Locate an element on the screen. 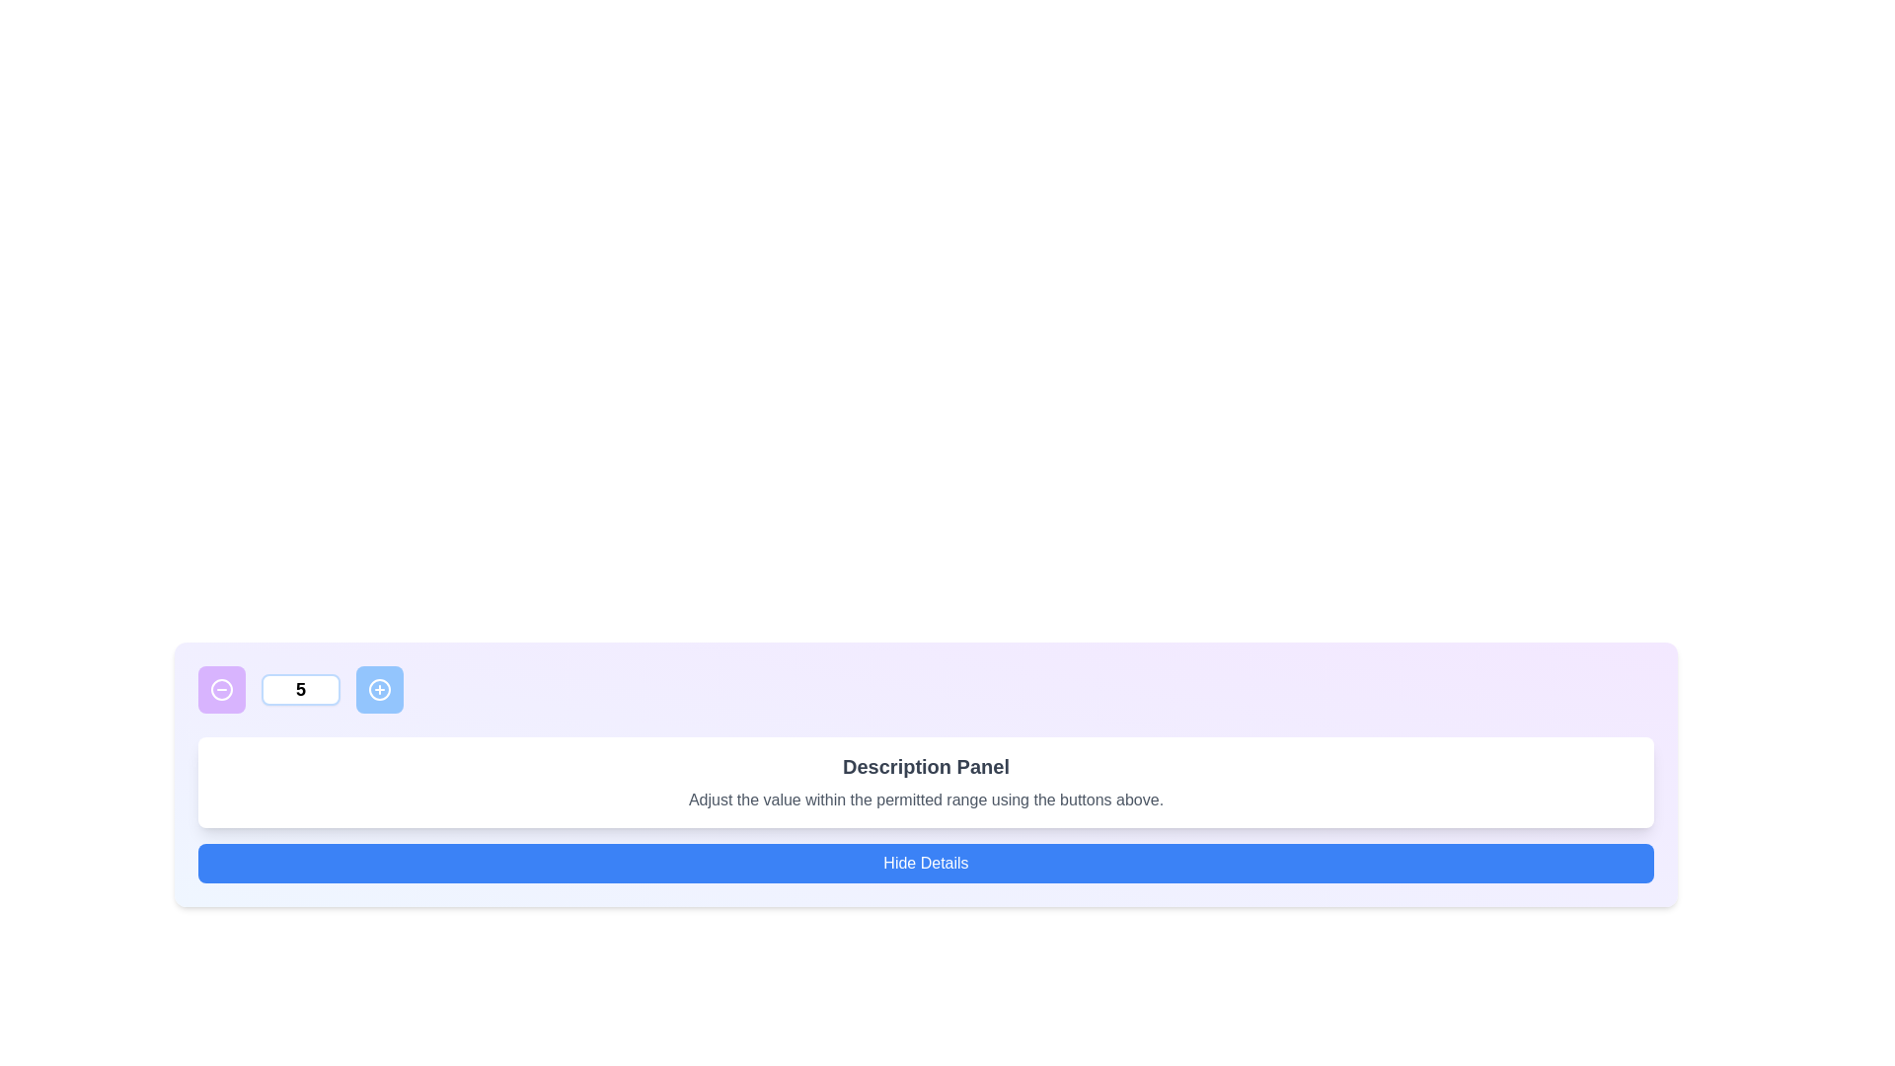 The height and width of the screenshot is (1066, 1895). the static text element that provides supplementary instructions, located in the lower half of the 'Description Panel' is located at coordinates (925, 799).